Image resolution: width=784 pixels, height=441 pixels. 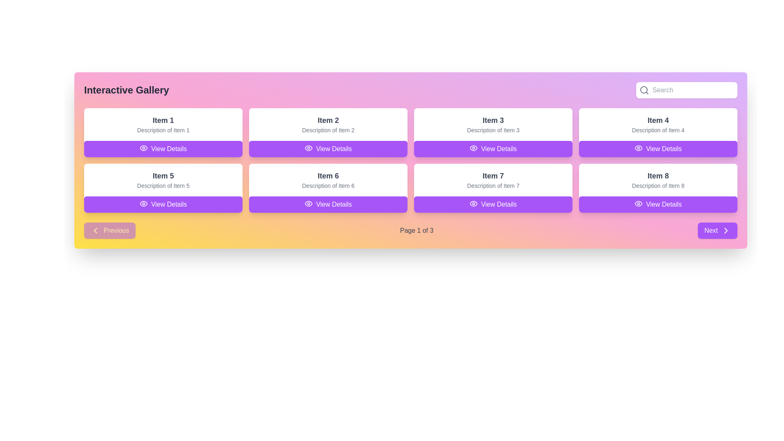 What do you see at coordinates (308, 148) in the screenshot?
I see `the text of the 'View Details' button for the second item from the left on the top row in the grid layout` at bounding box center [308, 148].